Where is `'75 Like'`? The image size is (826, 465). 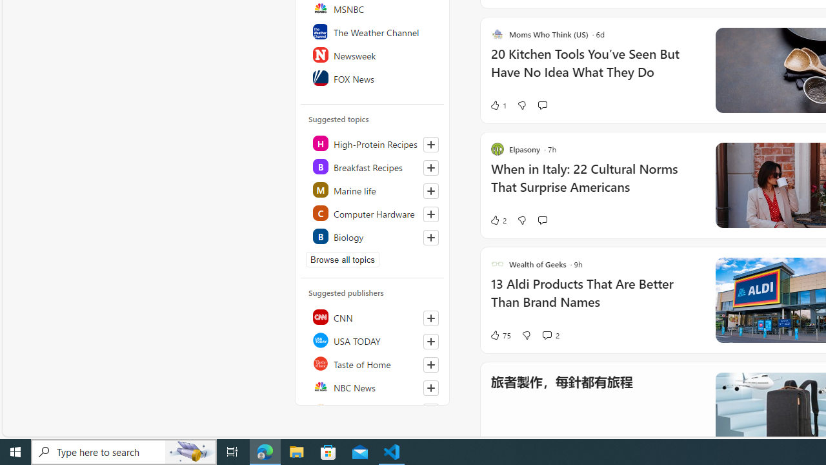 '75 Like' is located at coordinates (499, 335).